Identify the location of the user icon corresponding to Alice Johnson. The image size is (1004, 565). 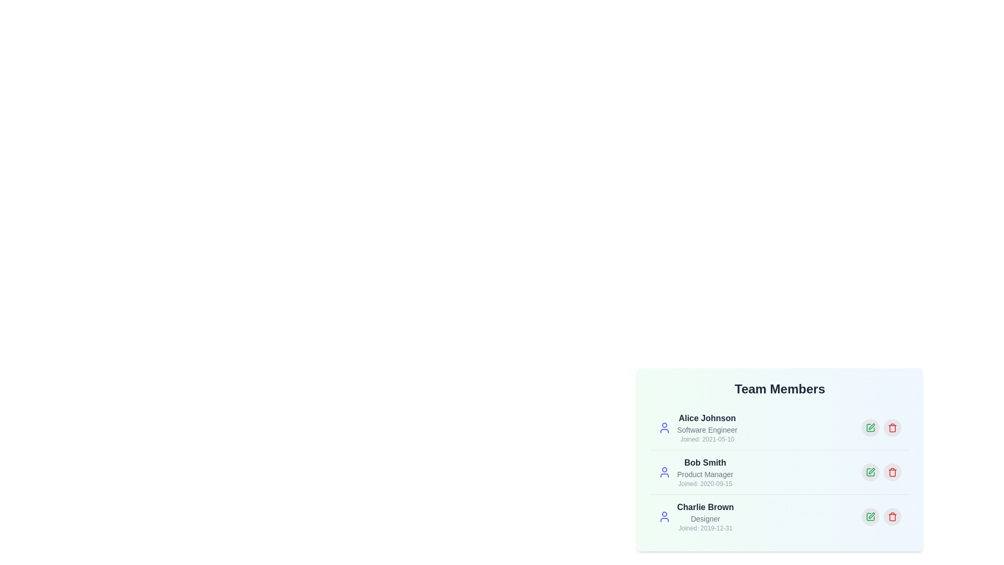
(664, 427).